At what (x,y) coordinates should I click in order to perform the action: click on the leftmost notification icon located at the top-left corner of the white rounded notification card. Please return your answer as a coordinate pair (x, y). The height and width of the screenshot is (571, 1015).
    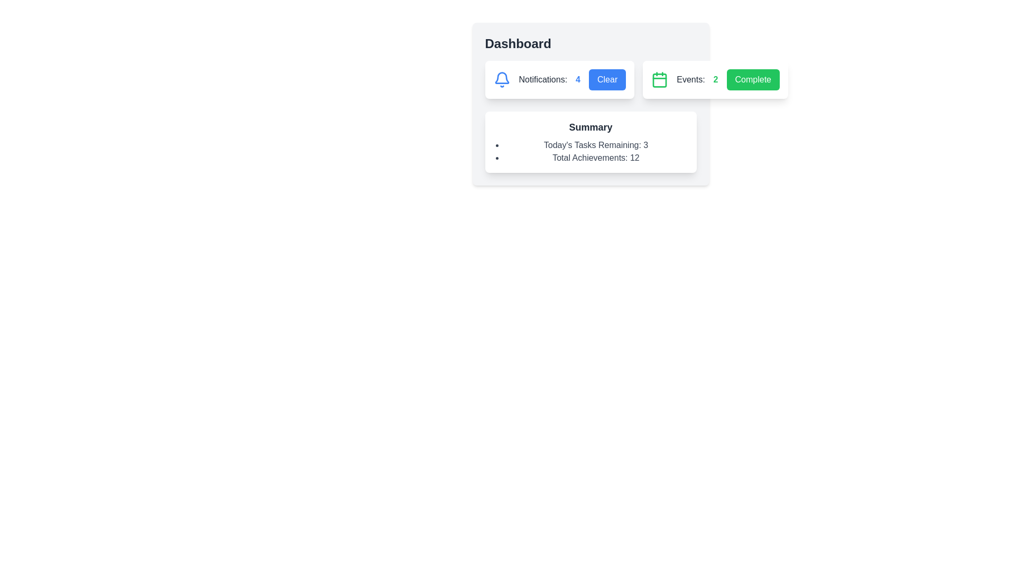
    Looking at the image, I should click on (501, 79).